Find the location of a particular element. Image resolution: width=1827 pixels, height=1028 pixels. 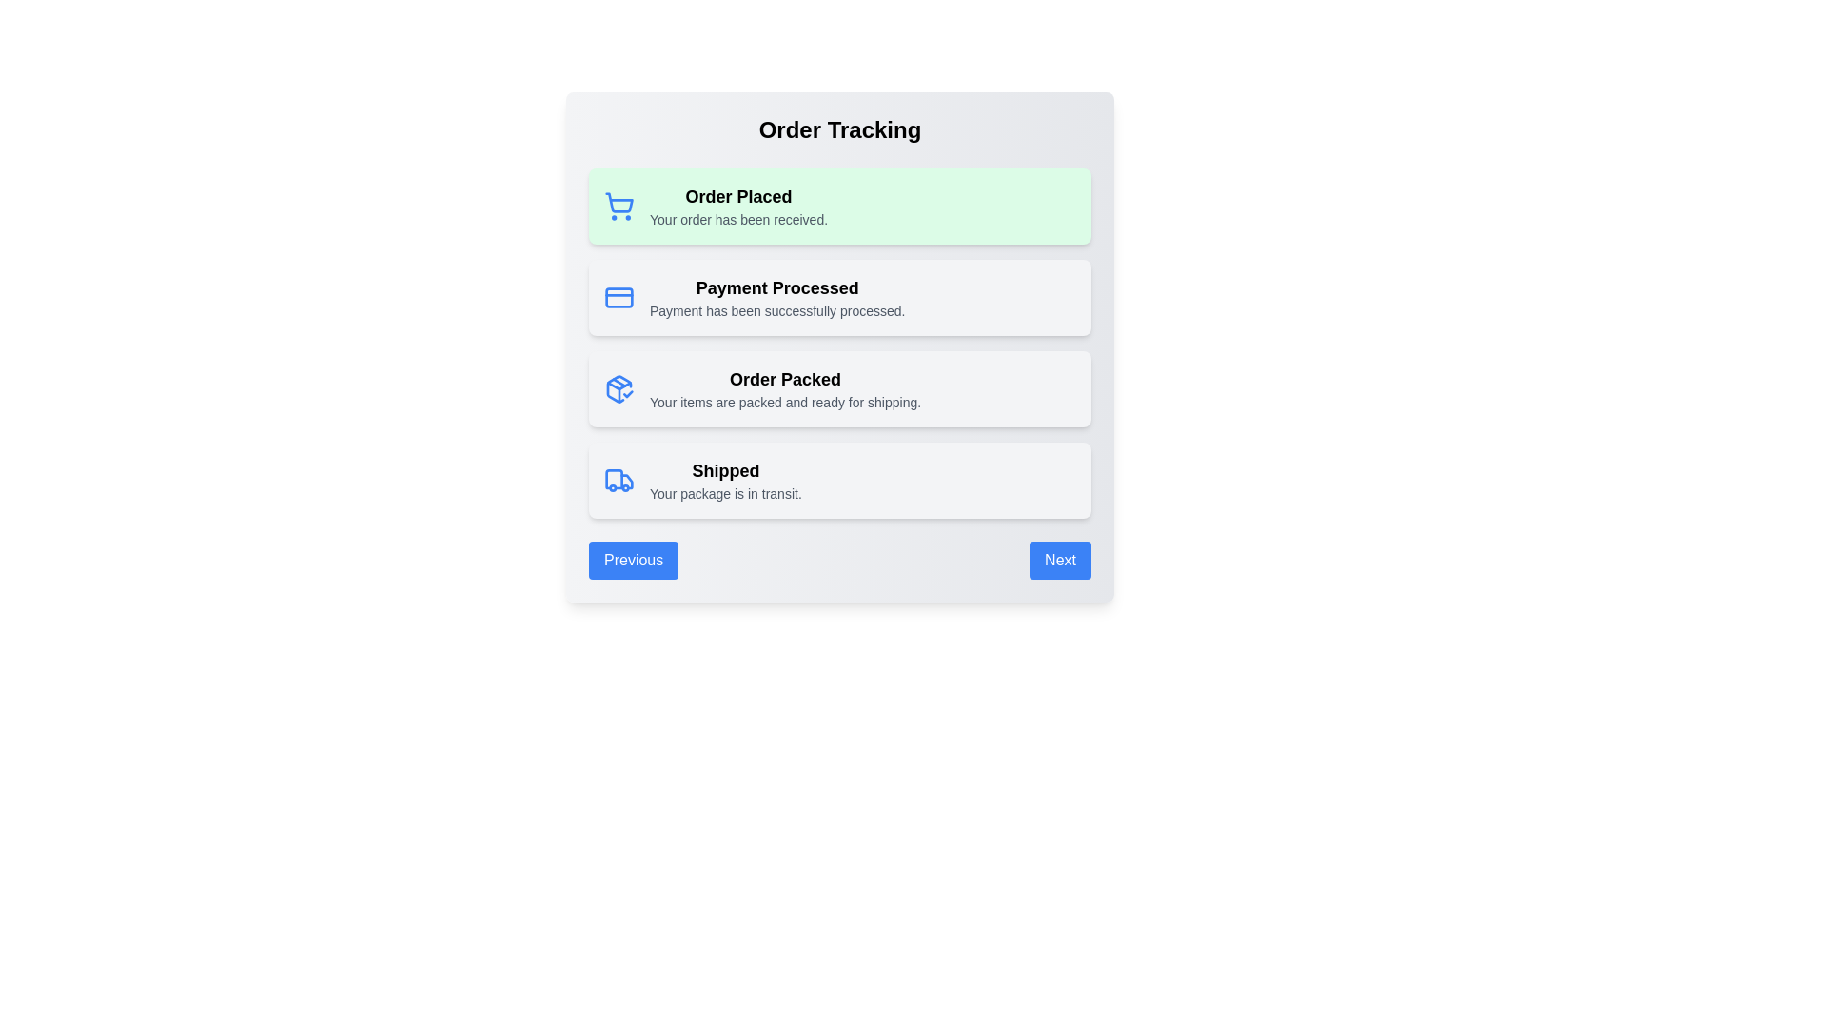

the bold 'Order Tracking' text label, which is prominently displayed in large font size, centered near the top of its section, with black text color on a light background is located at coordinates (839, 129).